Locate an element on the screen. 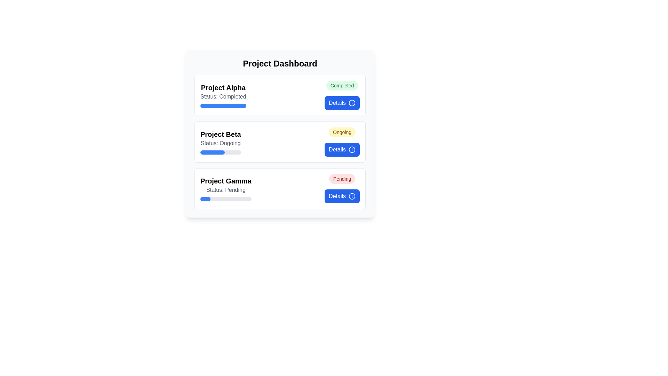 The image size is (668, 376). the 'Pending' tag or label with a red background that is located above the 'Details' button and to the left of the information icon in the 'Project Gamma' section of the project dashboard is located at coordinates (342, 178).